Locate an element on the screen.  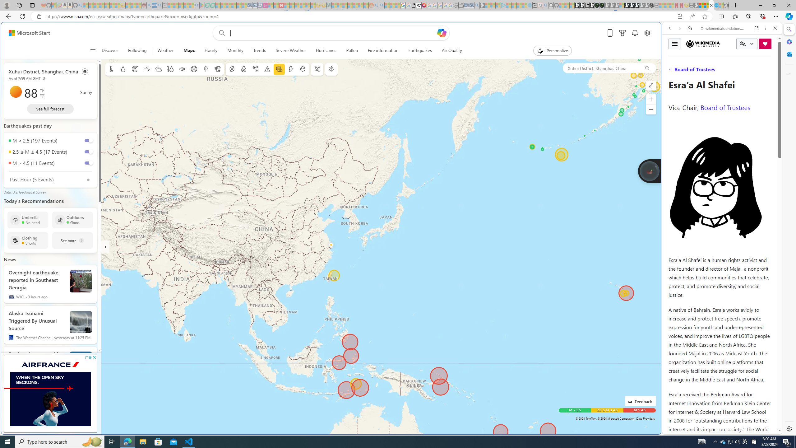
'Radar' is located at coordinates (134, 69).